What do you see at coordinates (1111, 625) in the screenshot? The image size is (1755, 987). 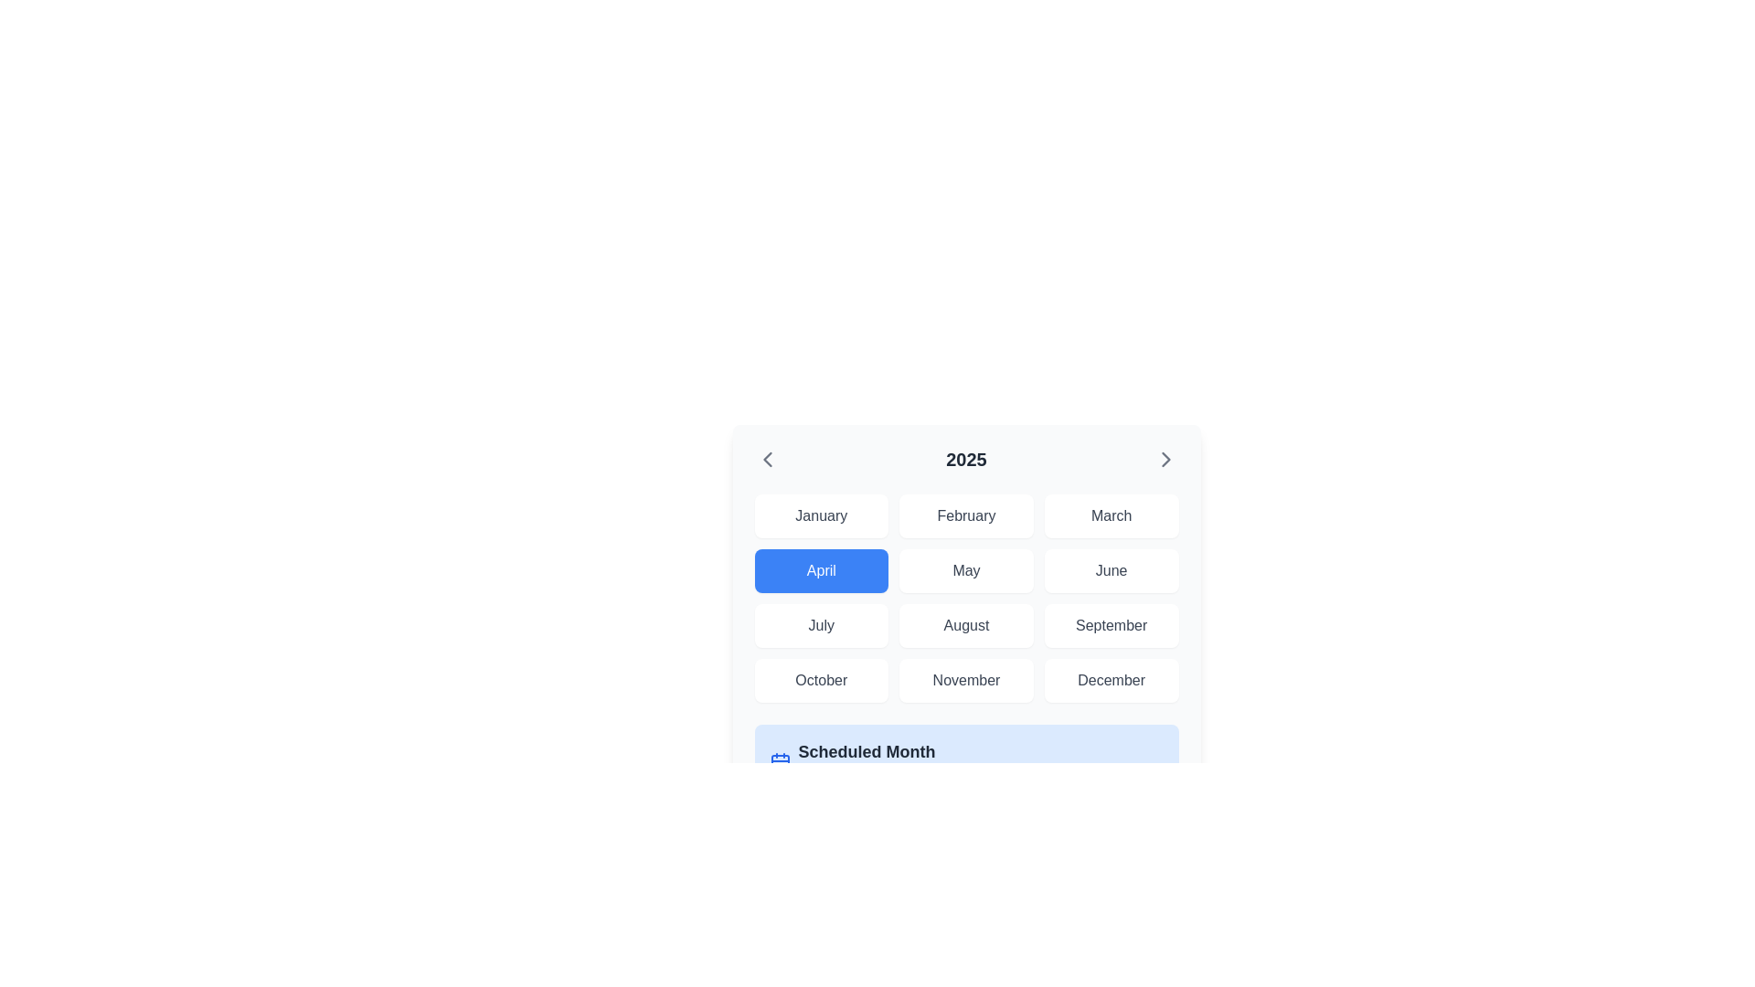 I see `the button representing the month of September in the calendar grid layout` at bounding box center [1111, 625].